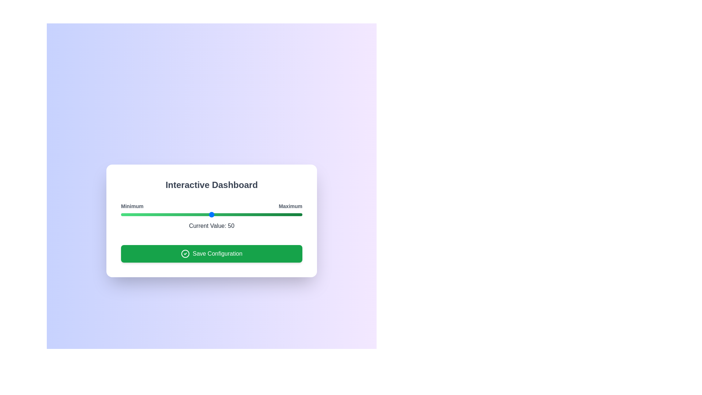 This screenshot has width=702, height=395. What do you see at coordinates (179, 214) in the screenshot?
I see `the slider to set the value to 32` at bounding box center [179, 214].